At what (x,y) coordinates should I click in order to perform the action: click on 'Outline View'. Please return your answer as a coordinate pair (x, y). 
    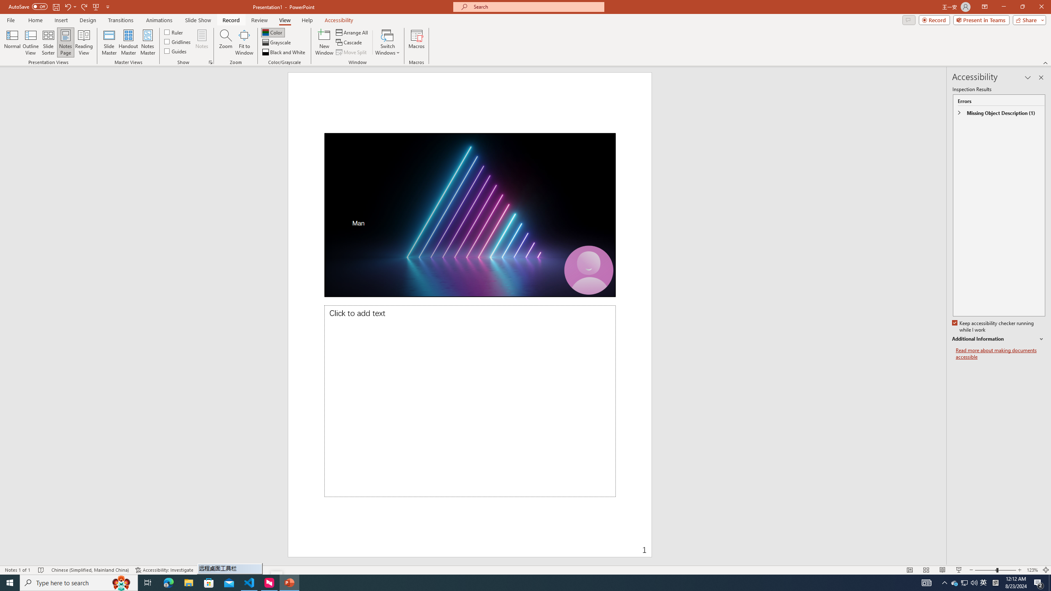
    Looking at the image, I should click on (30, 42).